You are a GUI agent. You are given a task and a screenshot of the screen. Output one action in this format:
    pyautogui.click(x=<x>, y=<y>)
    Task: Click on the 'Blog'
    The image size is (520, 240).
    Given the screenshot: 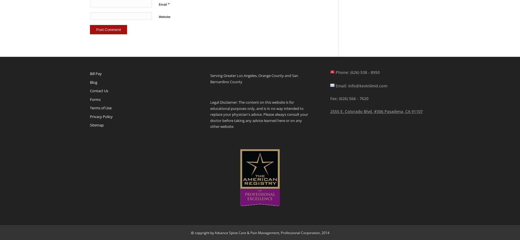 What is the action you would take?
    pyautogui.click(x=90, y=82)
    